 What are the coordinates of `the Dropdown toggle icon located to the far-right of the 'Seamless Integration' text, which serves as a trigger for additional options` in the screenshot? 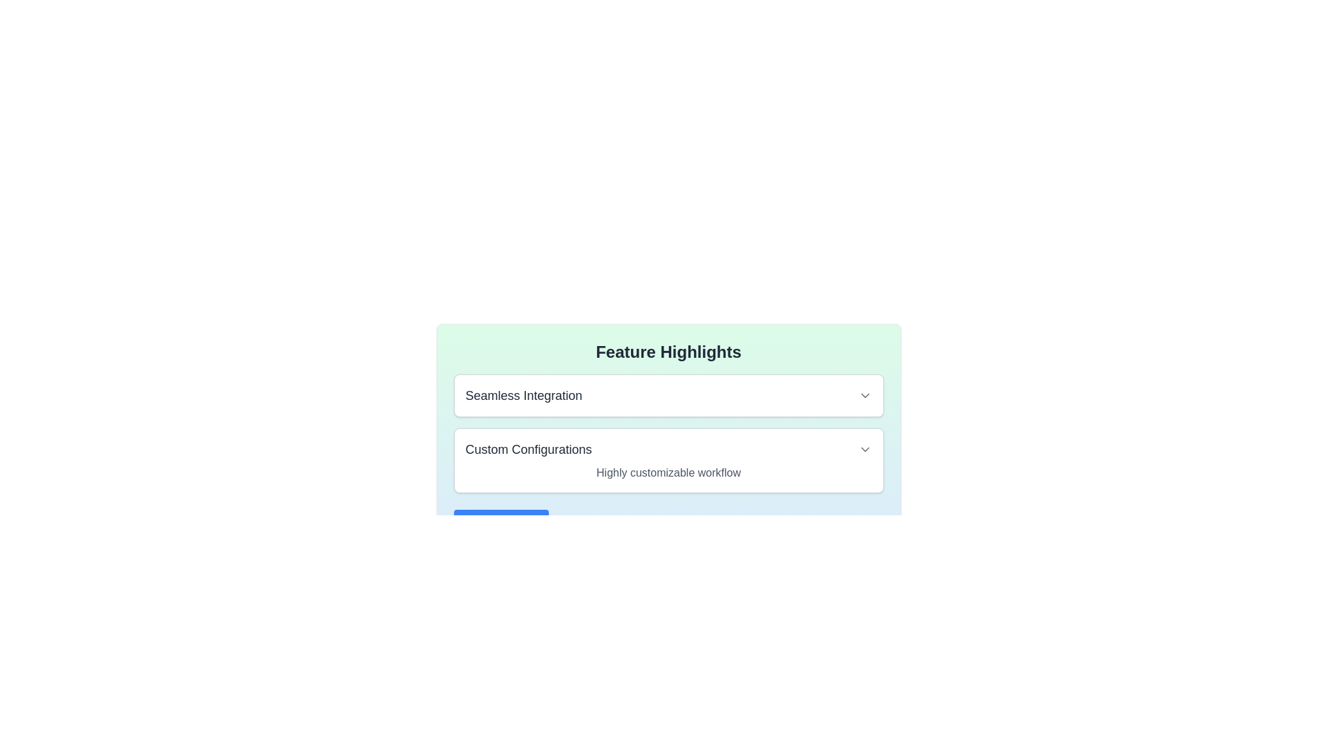 It's located at (864, 396).